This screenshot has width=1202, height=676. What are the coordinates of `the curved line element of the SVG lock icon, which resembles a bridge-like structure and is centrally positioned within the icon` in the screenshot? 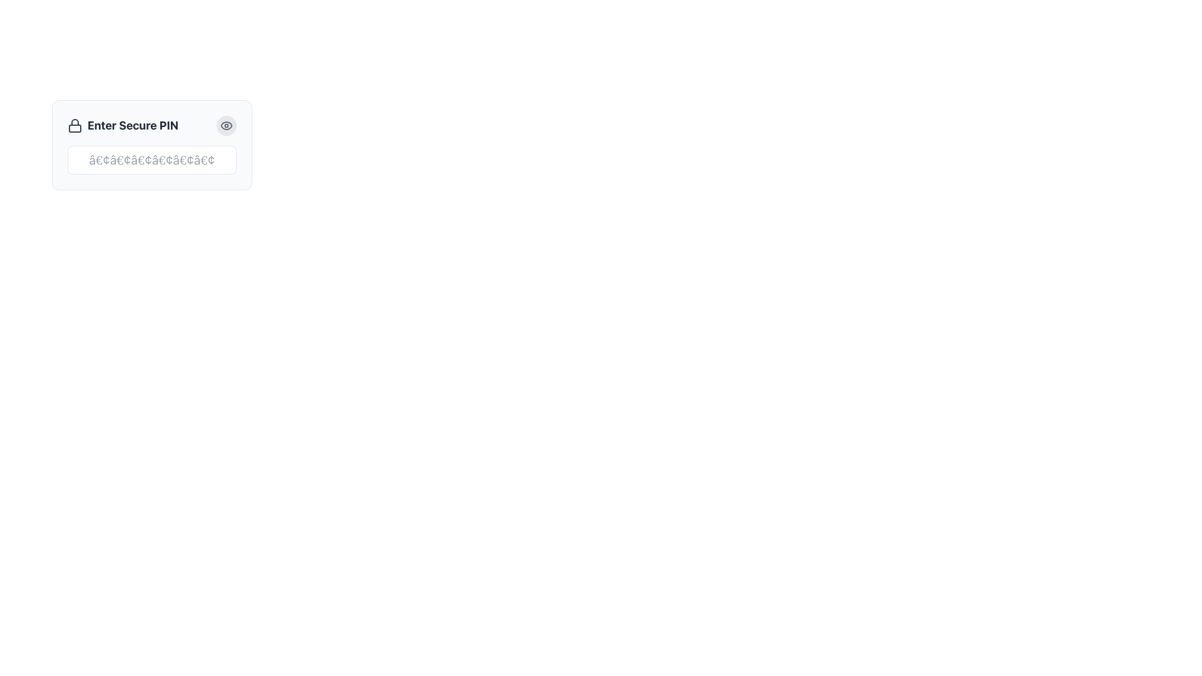 It's located at (74, 122).